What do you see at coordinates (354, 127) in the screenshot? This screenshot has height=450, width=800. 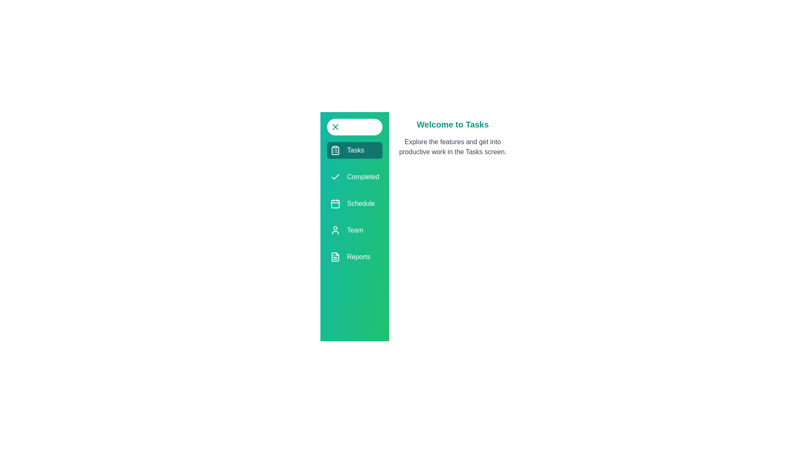 I see `the toggle button to close the drawer` at bounding box center [354, 127].